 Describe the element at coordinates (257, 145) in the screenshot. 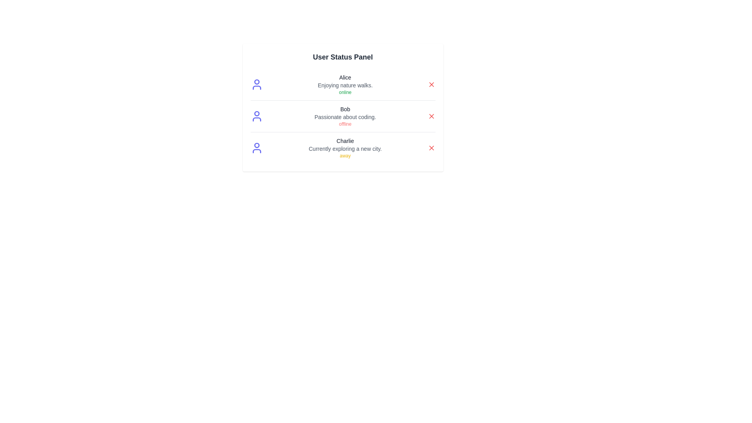

I see `the top-most circular part of the user icon representing an individual's head, located in the third row of a grid layout` at that location.